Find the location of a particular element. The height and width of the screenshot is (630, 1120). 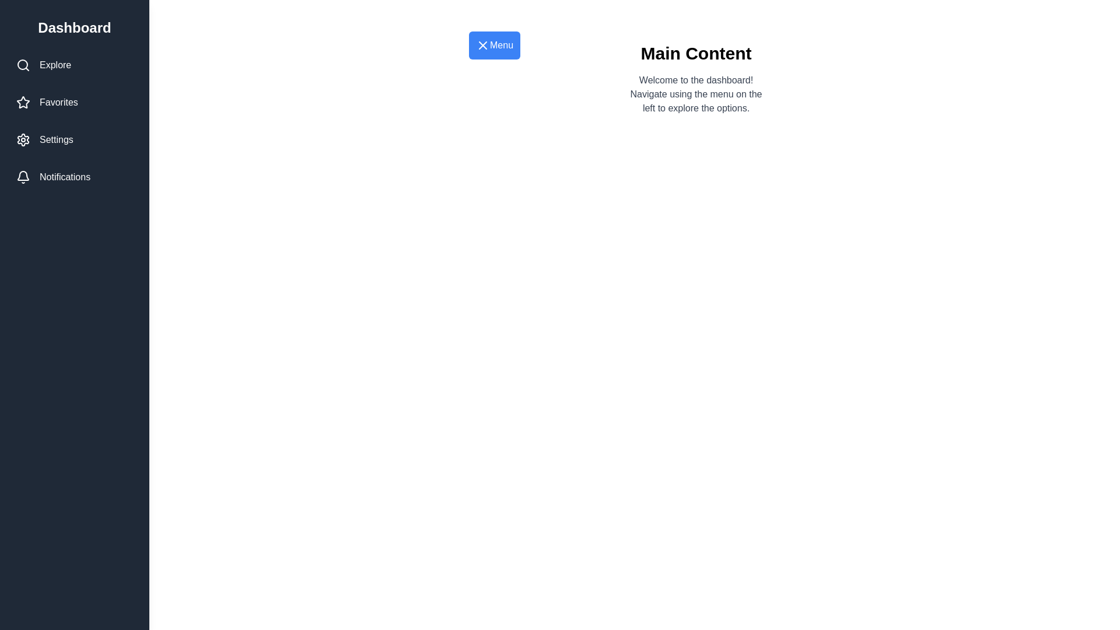

the 'Notifications' button in the vertical sidebar menu, which features a bell icon and white text on a dark blue background, to receive visual feedback is located at coordinates (74, 177).